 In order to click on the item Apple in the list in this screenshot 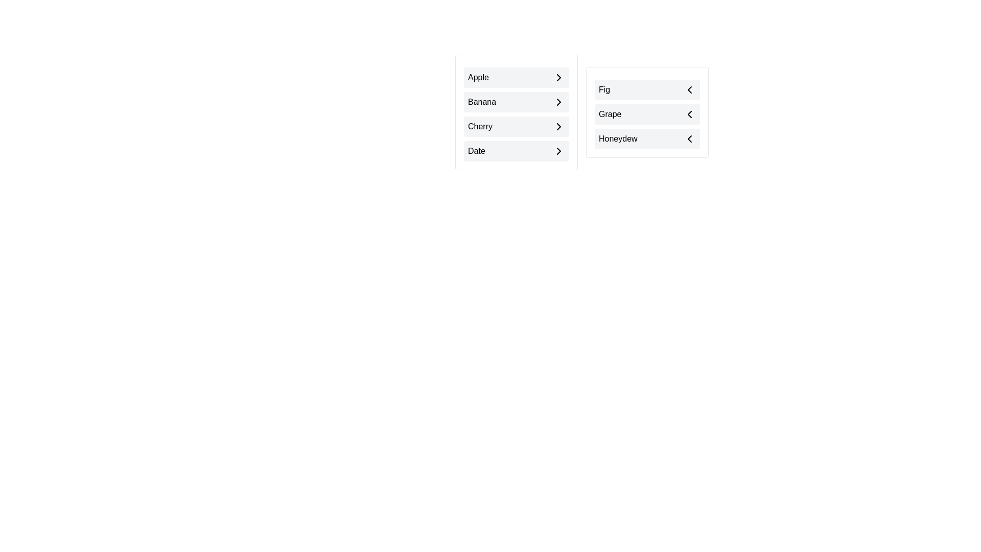, I will do `click(517, 77)`.